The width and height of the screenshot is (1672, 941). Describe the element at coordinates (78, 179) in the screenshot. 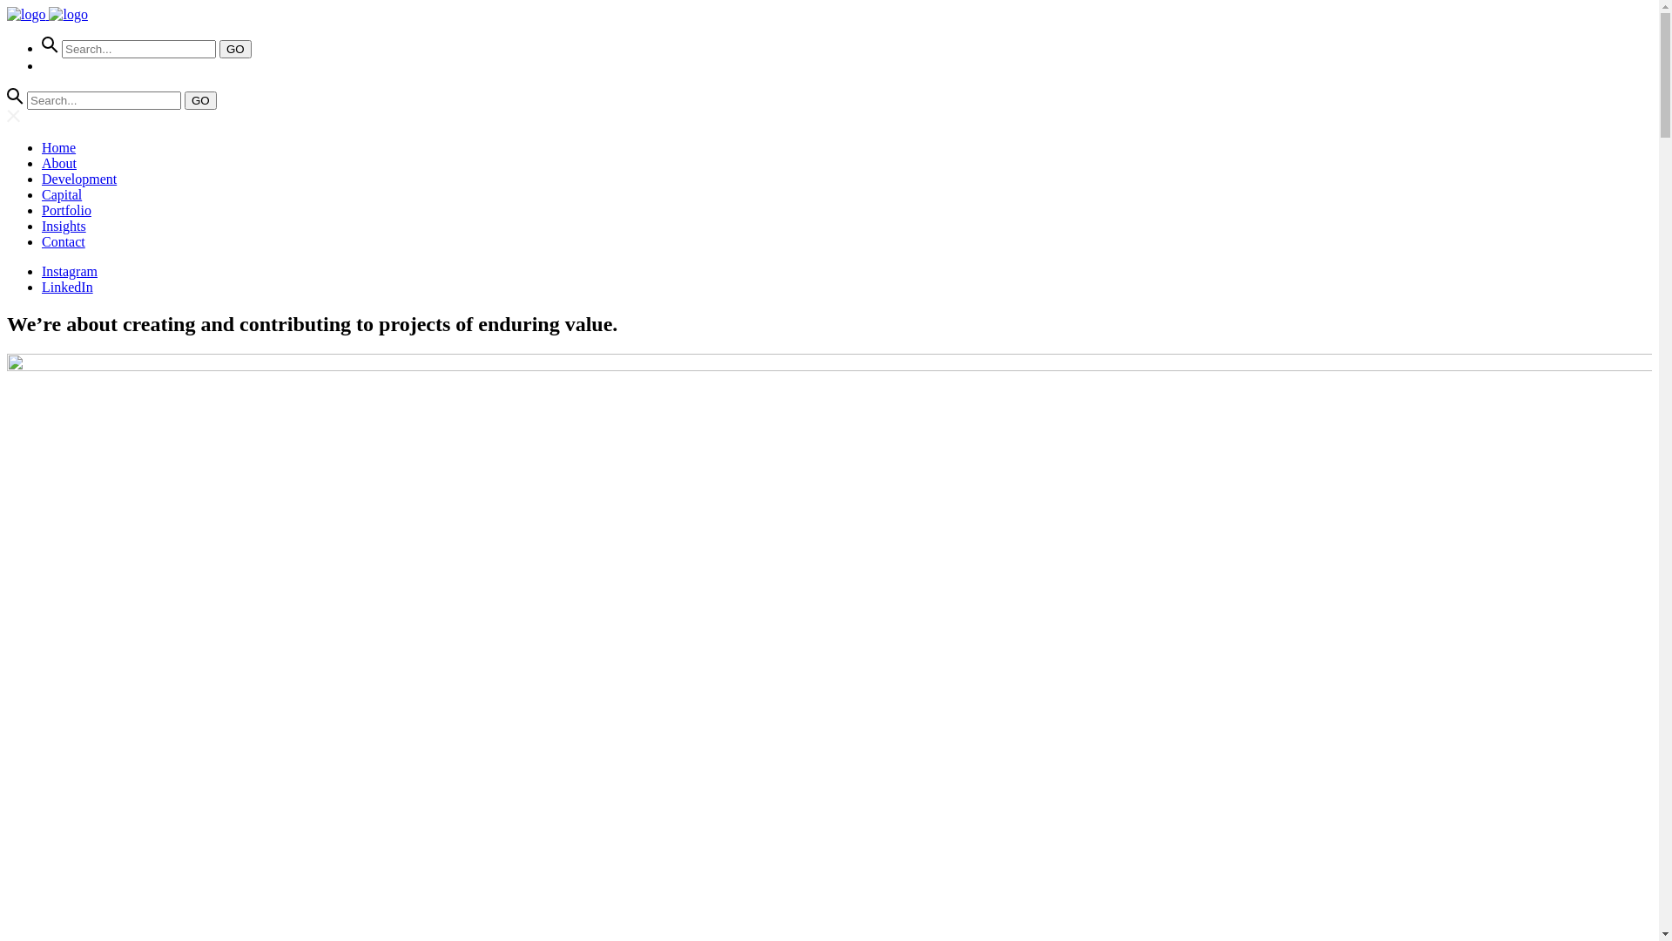

I see `'Development'` at that location.